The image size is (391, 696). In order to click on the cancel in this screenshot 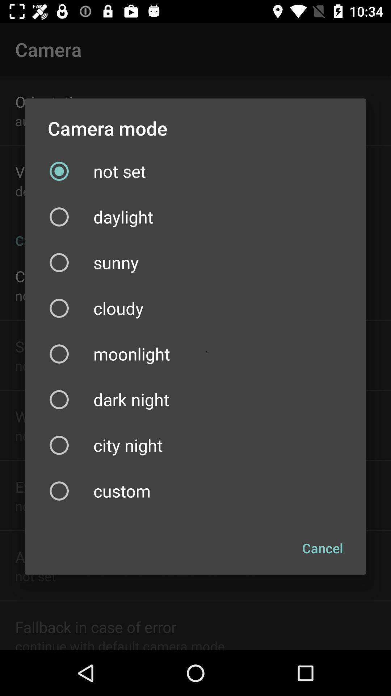, I will do `click(322, 548)`.